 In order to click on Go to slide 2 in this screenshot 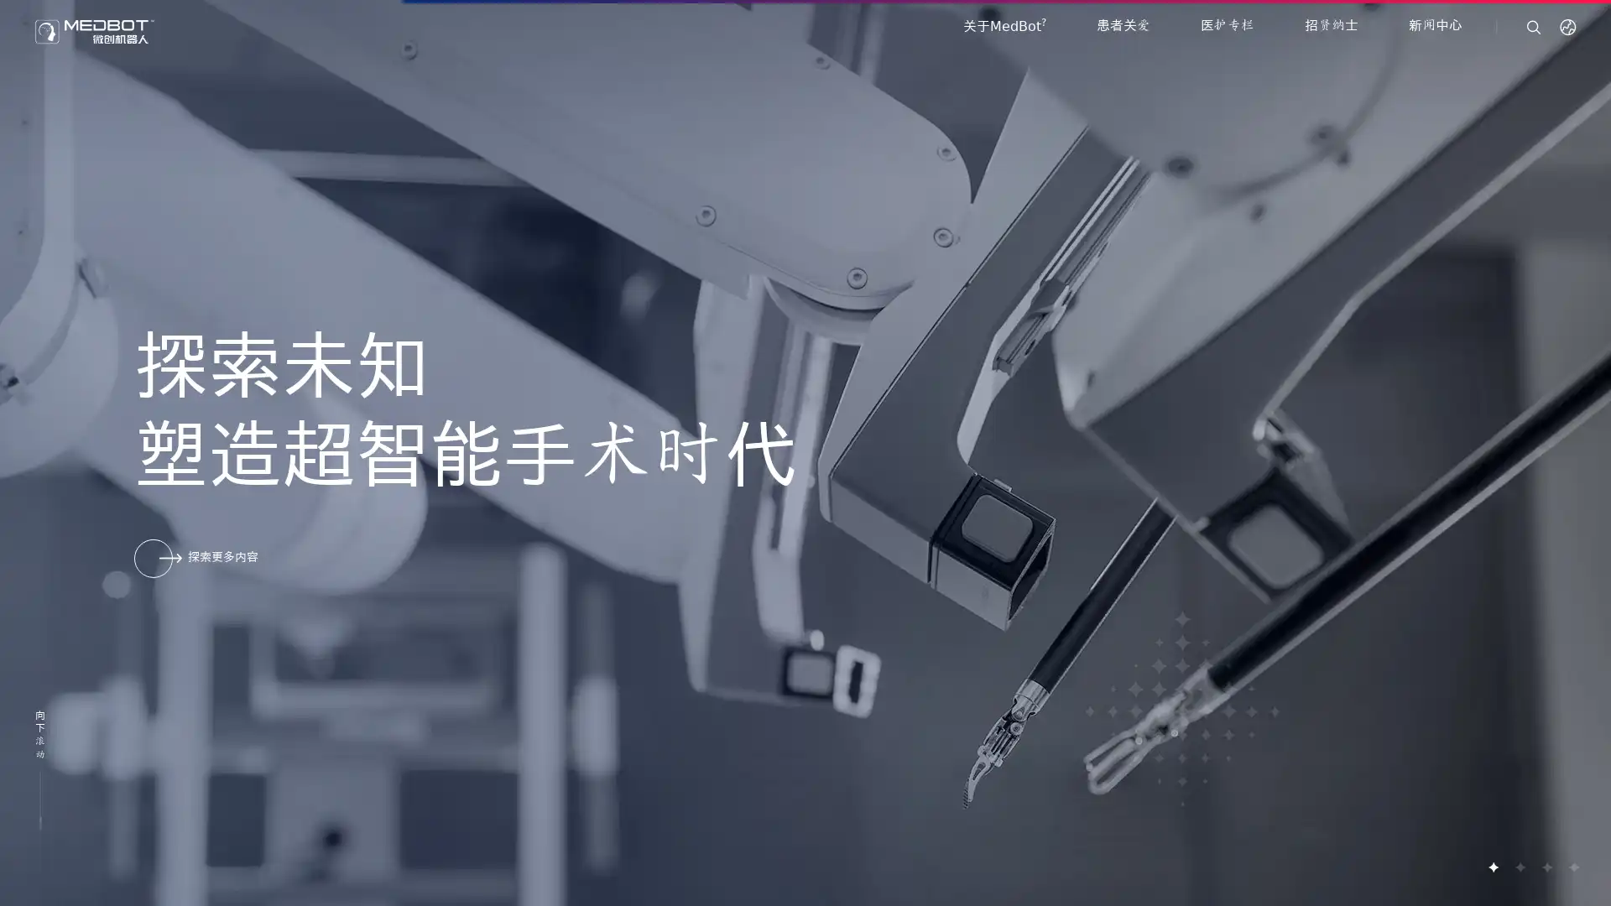, I will do `click(1519, 867)`.